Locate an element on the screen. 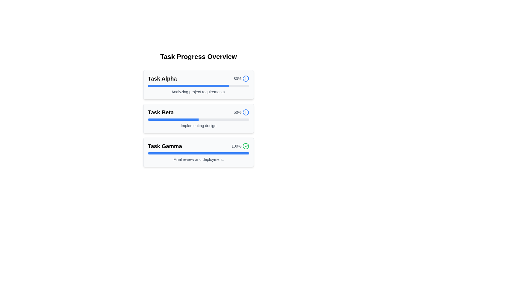  the task summary card for 'Gamma', which is the last card in the 'Task Progress Overview' section is located at coordinates (199, 152).